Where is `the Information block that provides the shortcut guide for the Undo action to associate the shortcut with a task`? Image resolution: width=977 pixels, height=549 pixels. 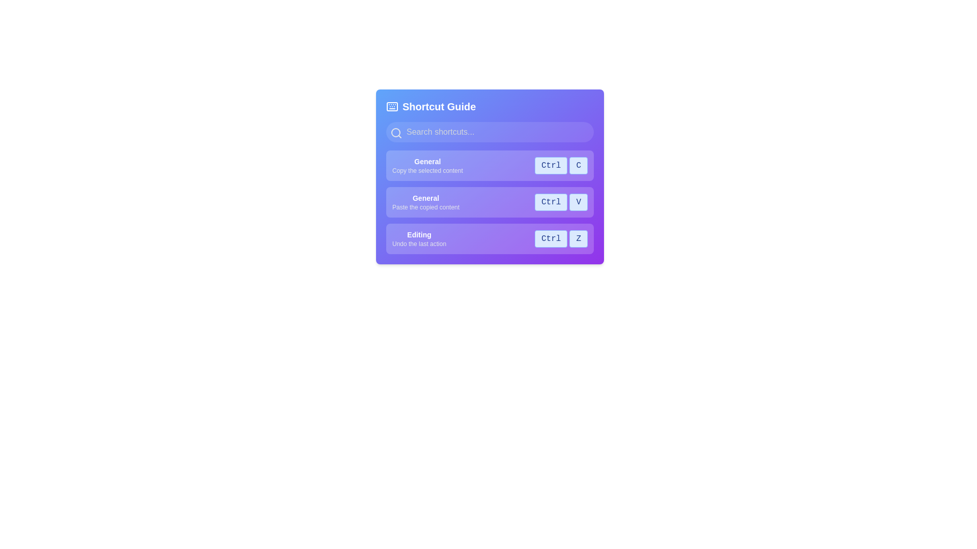
the Information block that provides the shortcut guide for the Undo action to associate the shortcut with a task is located at coordinates (490, 239).